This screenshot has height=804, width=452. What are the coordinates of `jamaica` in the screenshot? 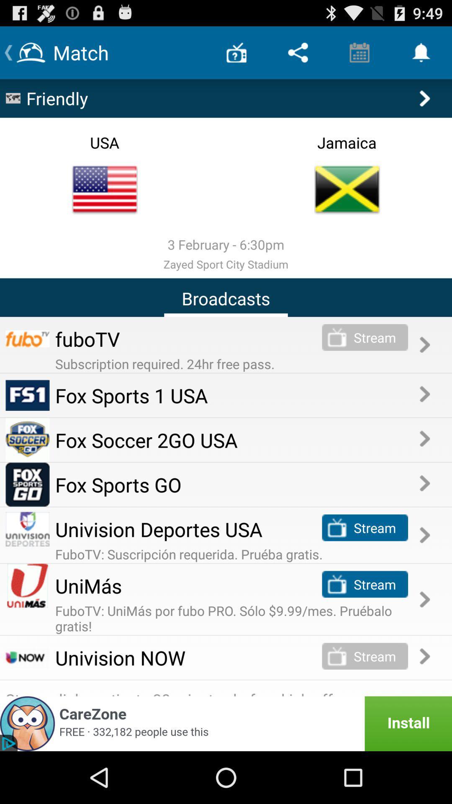 It's located at (347, 189).